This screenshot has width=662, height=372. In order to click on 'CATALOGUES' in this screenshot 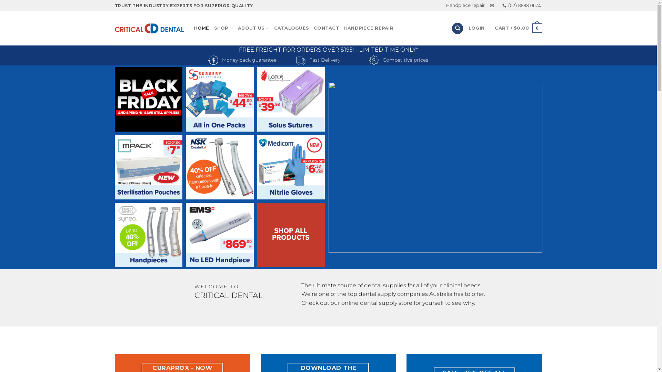, I will do `click(291, 28)`.